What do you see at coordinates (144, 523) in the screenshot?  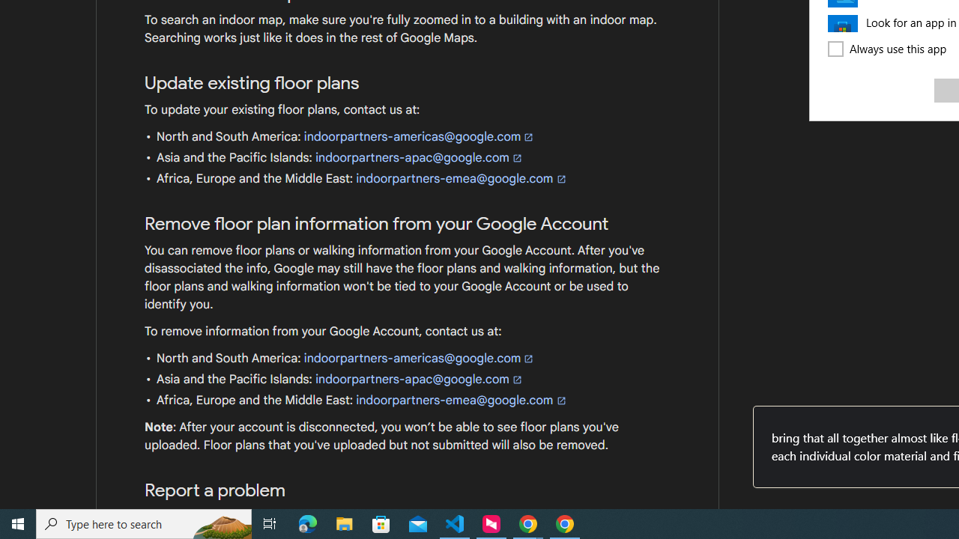 I see `'Type here to search'` at bounding box center [144, 523].